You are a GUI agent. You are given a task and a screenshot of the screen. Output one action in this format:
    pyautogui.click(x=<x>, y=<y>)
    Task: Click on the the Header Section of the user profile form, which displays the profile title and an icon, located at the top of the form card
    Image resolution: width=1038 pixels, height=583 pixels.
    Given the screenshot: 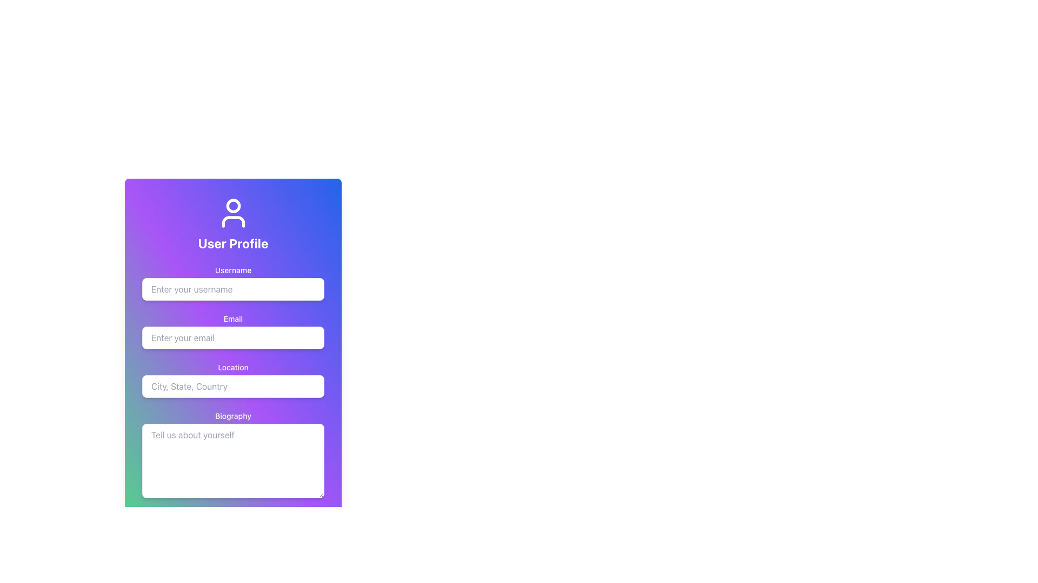 What is the action you would take?
    pyautogui.click(x=232, y=223)
    